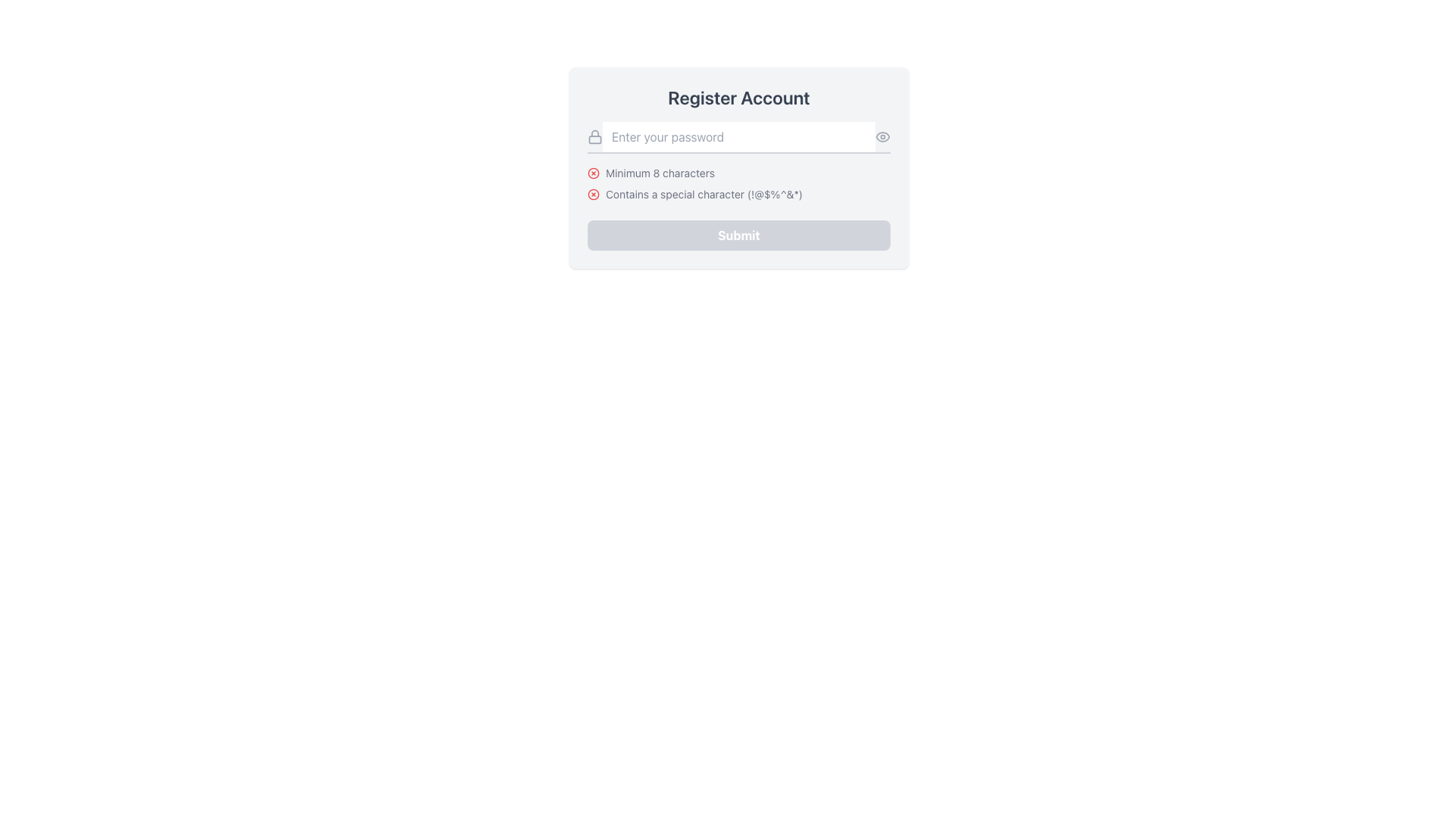 The image size is (1454, 818). What do you see at coordinates (738, 137) in the screenshot?
I see `the Password Input Field located below the title in the 'Register Account' form` at bounding box center [738, 137].